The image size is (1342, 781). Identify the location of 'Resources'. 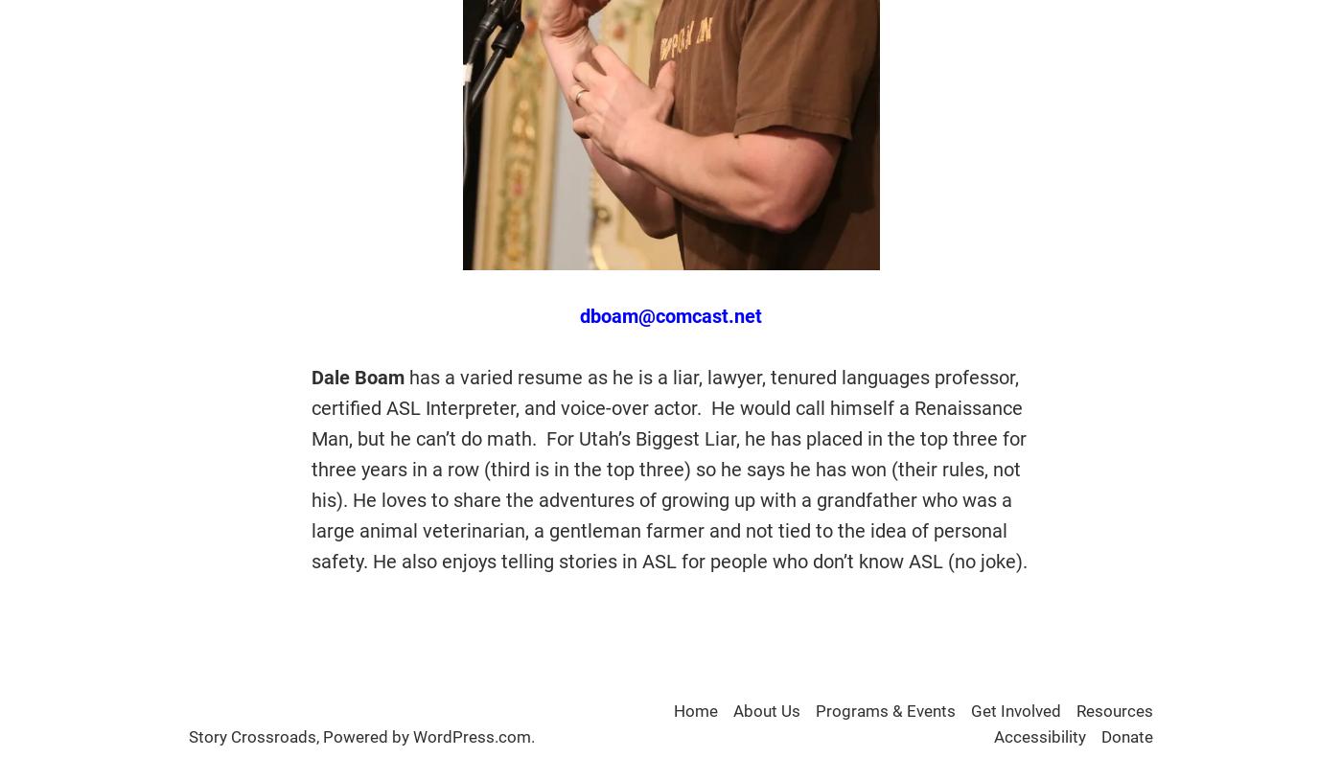
(1076, 710).